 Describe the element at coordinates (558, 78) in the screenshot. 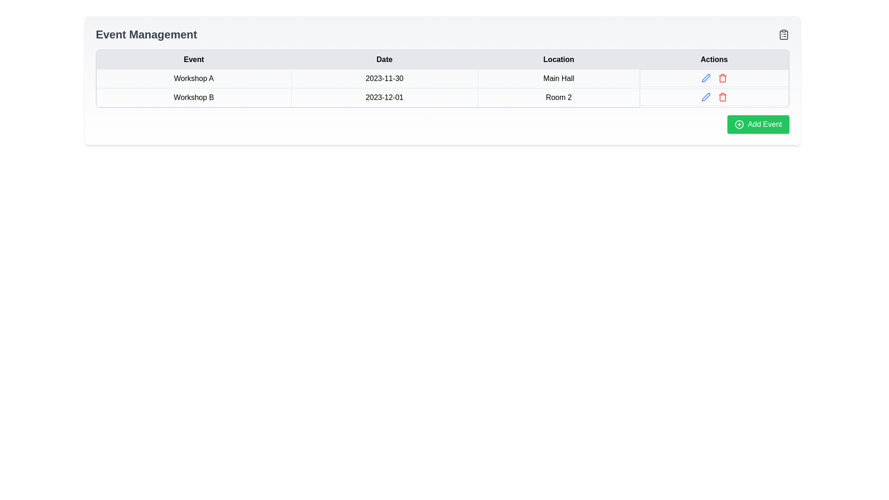

I see `the static text label displaying 'Workshop A' in the 'Location' column of the first row in the table` at that location.